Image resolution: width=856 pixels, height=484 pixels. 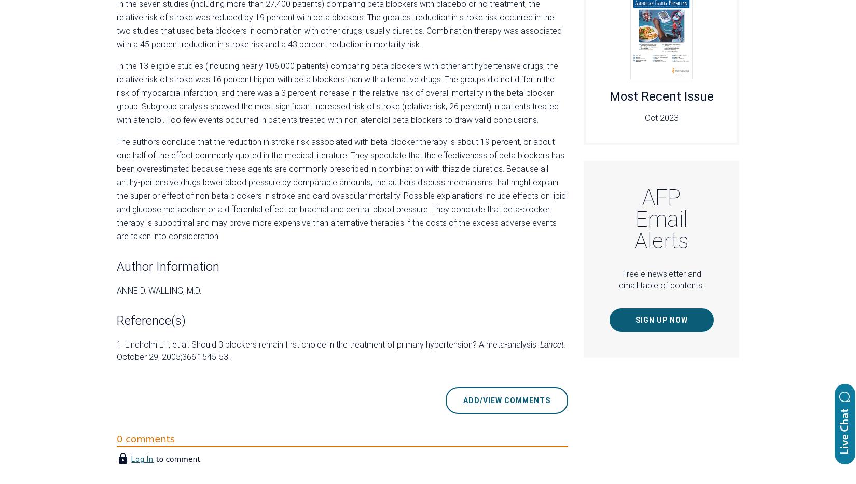 What do you see at coordinates (459, 347) in the screenshot?
I see `'Services'` at bounding box center [459, 347].